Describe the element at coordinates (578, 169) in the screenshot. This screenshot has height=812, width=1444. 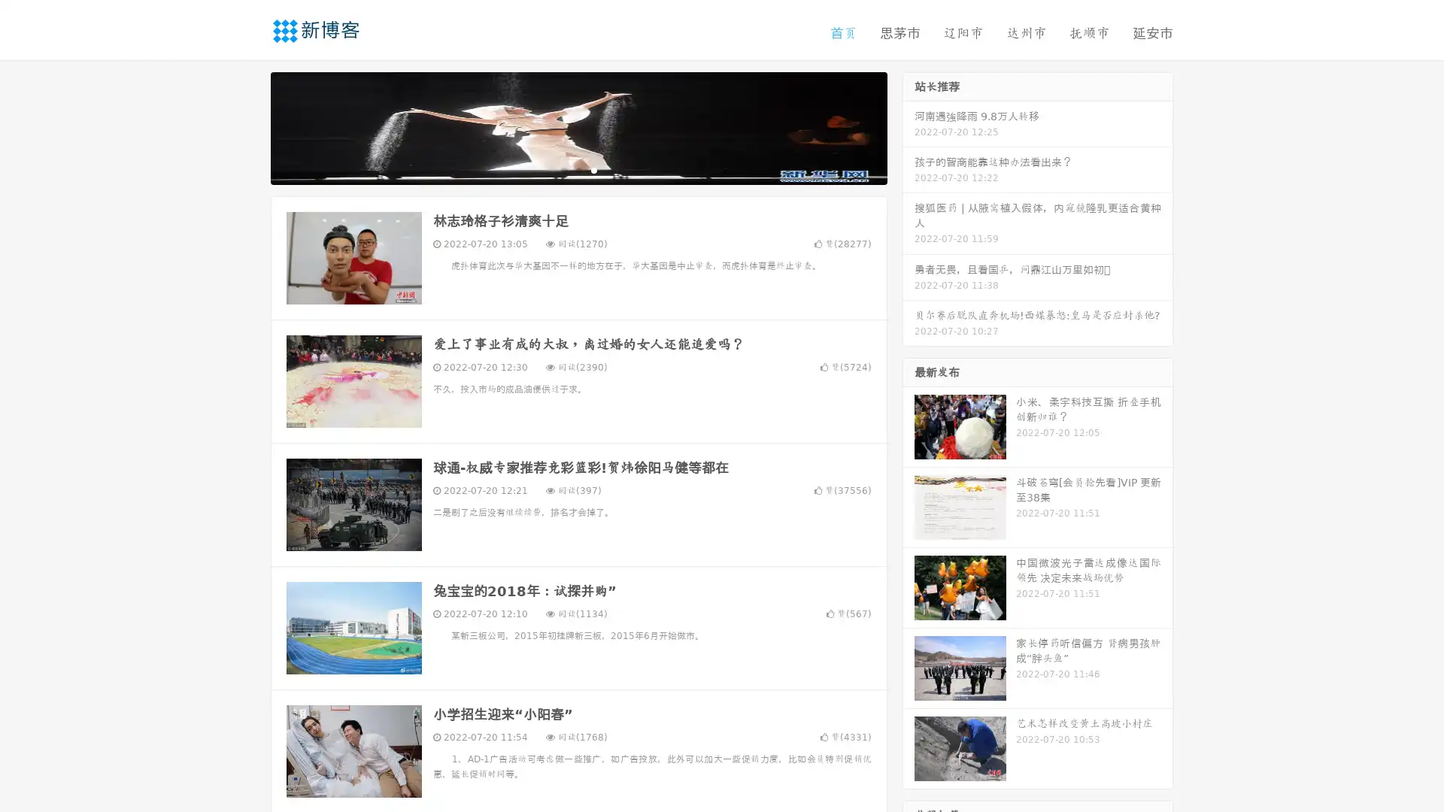
I see `Go to slide 2` at that location.